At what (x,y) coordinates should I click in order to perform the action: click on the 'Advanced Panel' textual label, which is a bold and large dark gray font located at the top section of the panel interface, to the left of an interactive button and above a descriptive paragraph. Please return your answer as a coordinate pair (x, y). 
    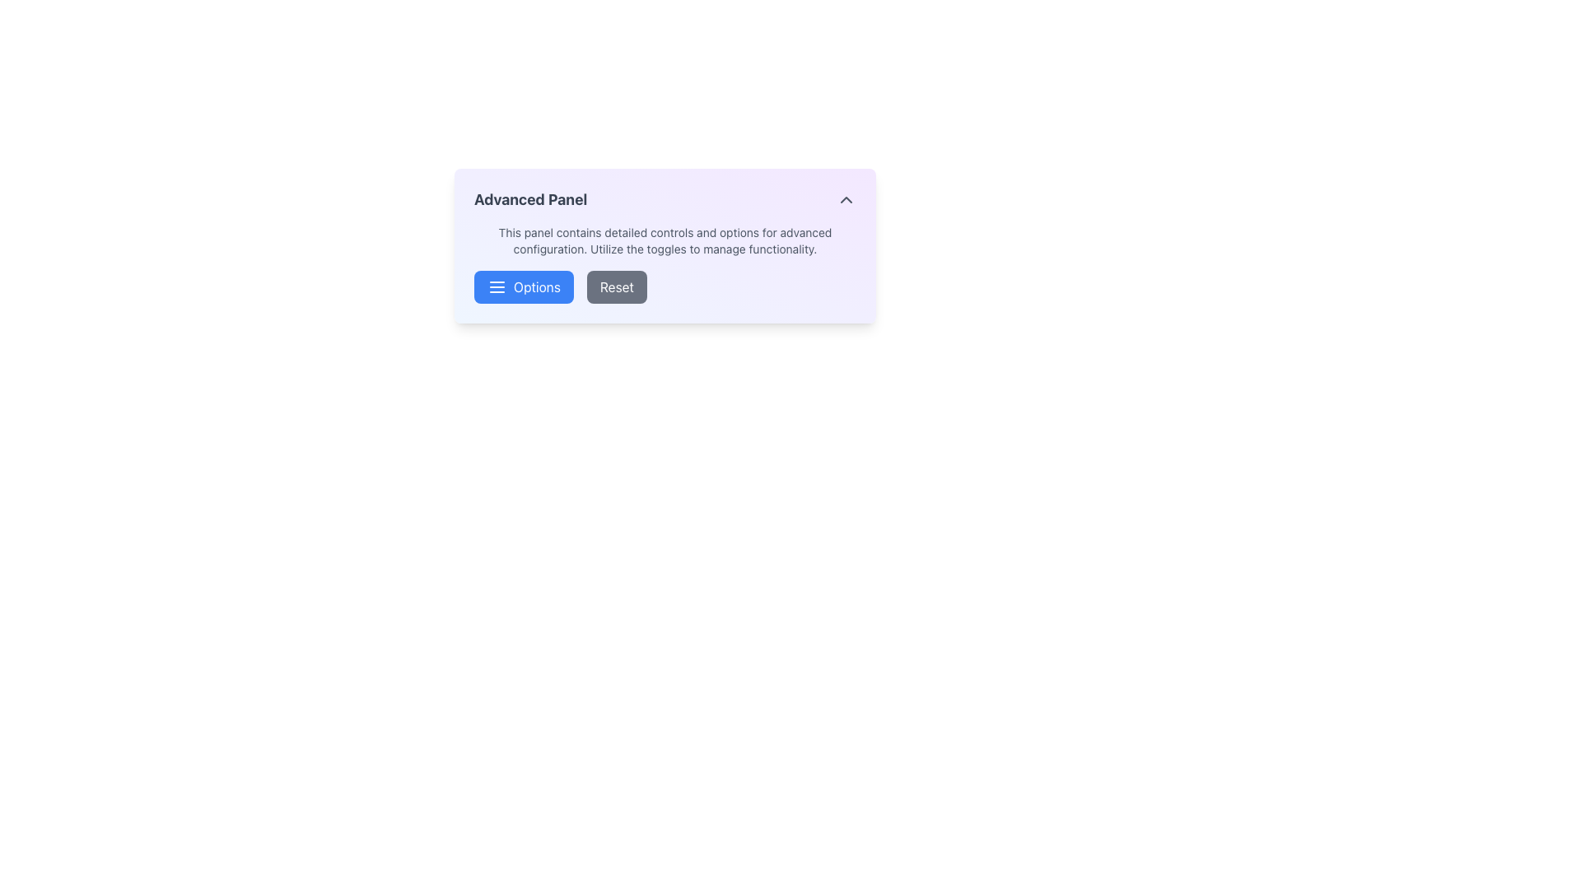
    Looking at the image, I should click on (530, 199).